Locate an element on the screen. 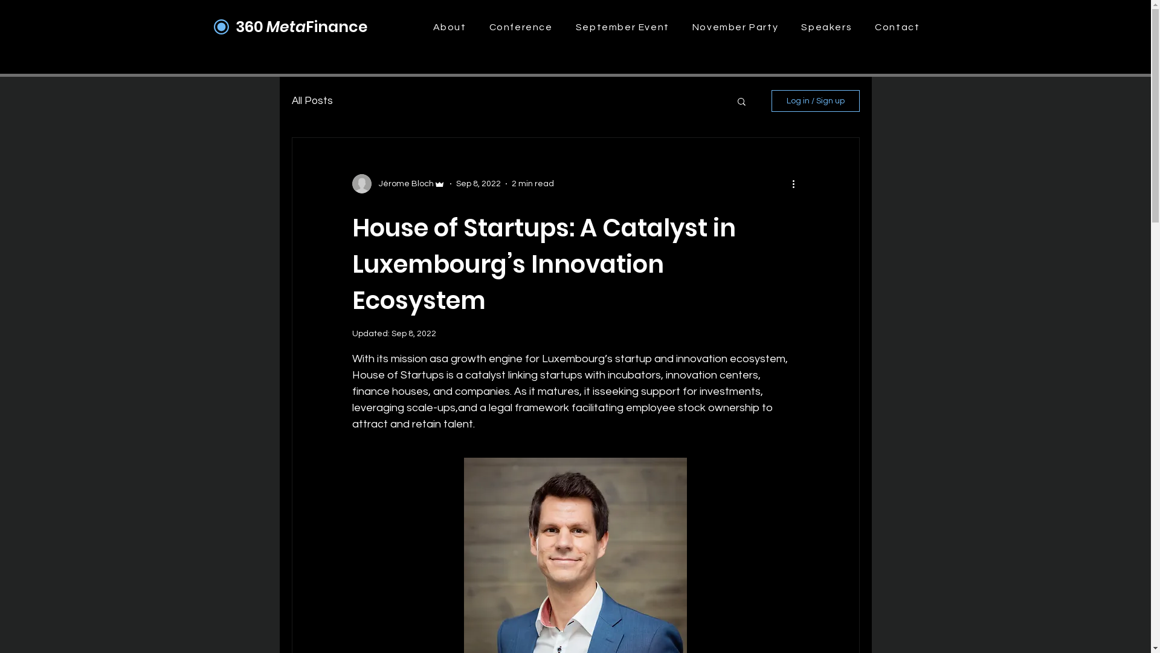 The image size is (1160, 653). 'Contact' is located at coordinates (897, 27).